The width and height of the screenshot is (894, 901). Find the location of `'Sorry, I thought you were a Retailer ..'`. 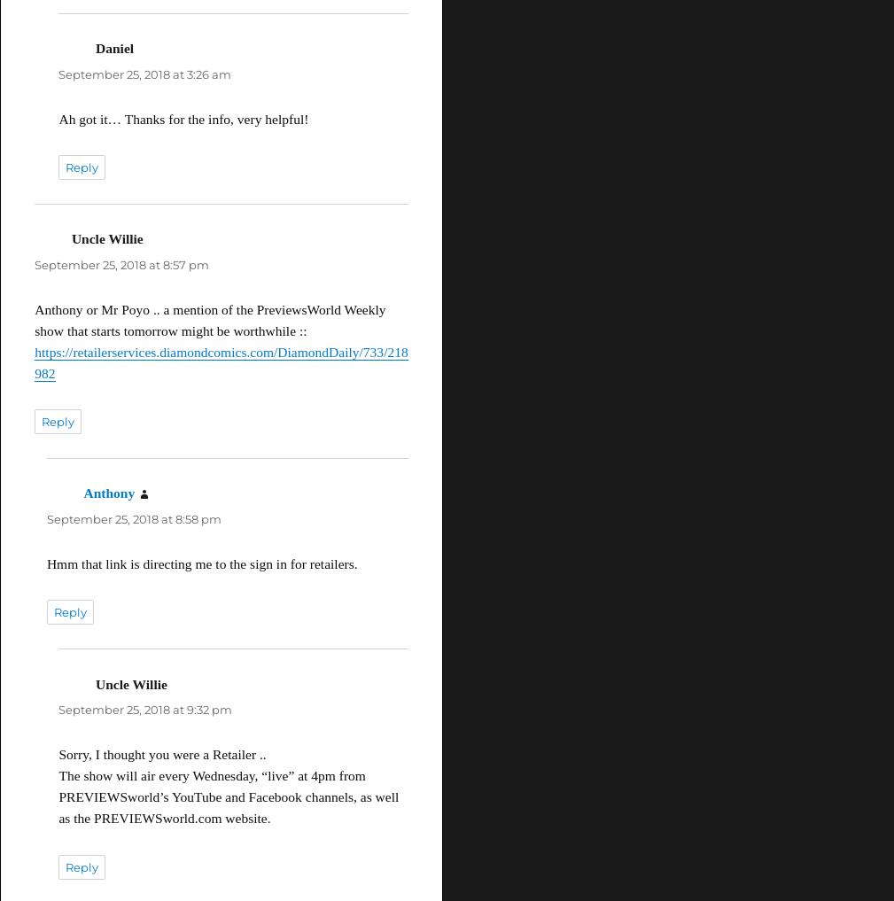

'Sorry, I thought you were a Retailer ..' is located at coordinates (161, 754).